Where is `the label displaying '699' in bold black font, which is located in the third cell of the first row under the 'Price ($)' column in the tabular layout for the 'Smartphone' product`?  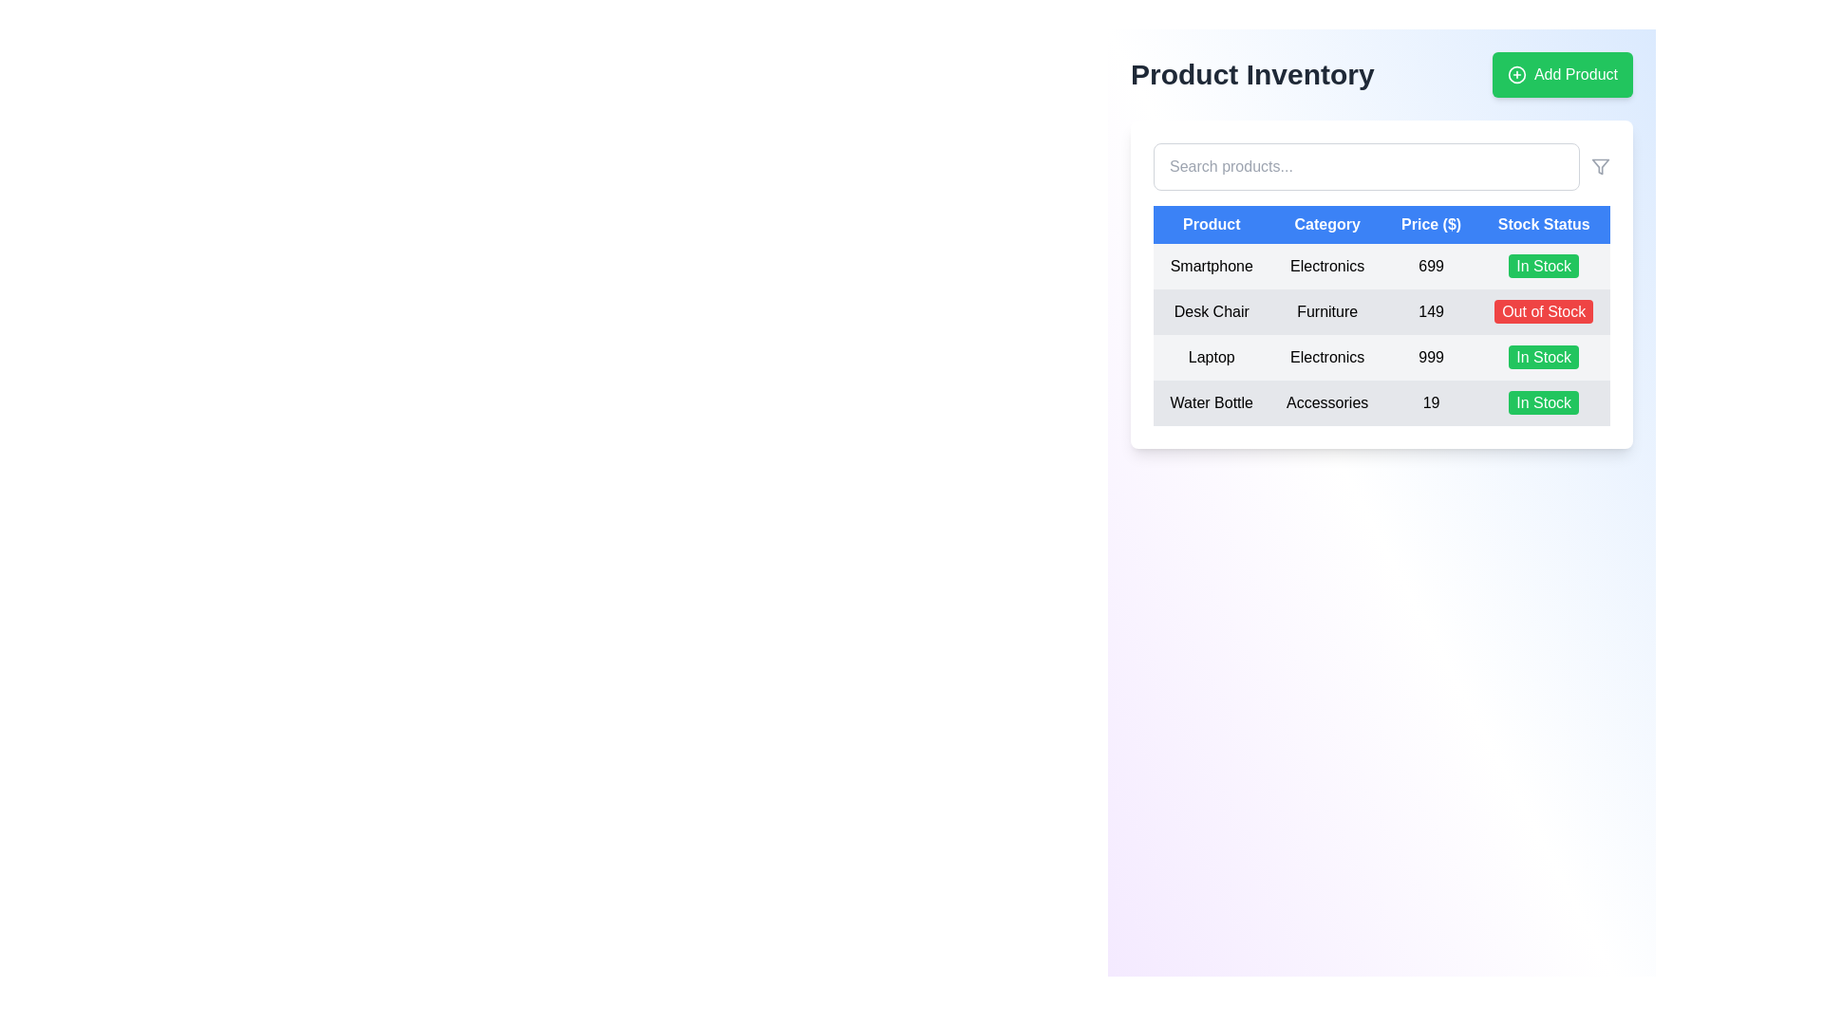 the label displaying '699' in bold black font, which is located in the third cell of the first row under the 'Price ($)' column in the tabular layout for the 'Smartphone' product is located at coordinates (1431, 267).